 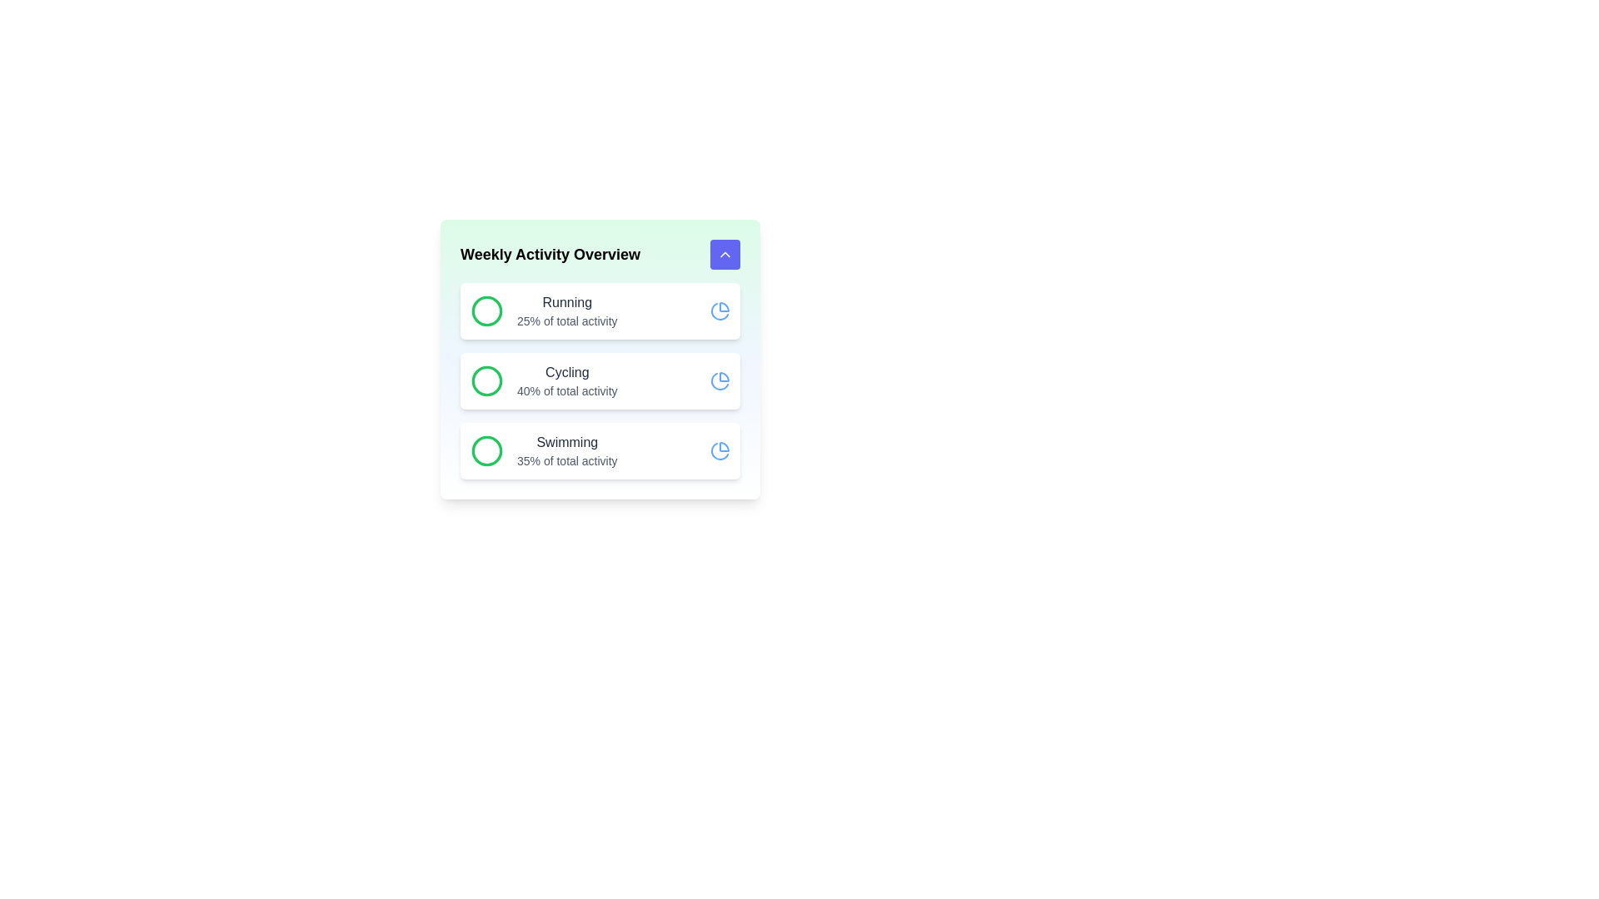 What do you see at coordinates (720, 381) in the screenshot?
I see `the blue pie chart icon located to the far right of the text '40% of total activity' in the 'Weekly Activity Overview' card` at bounding box center [720, 381].